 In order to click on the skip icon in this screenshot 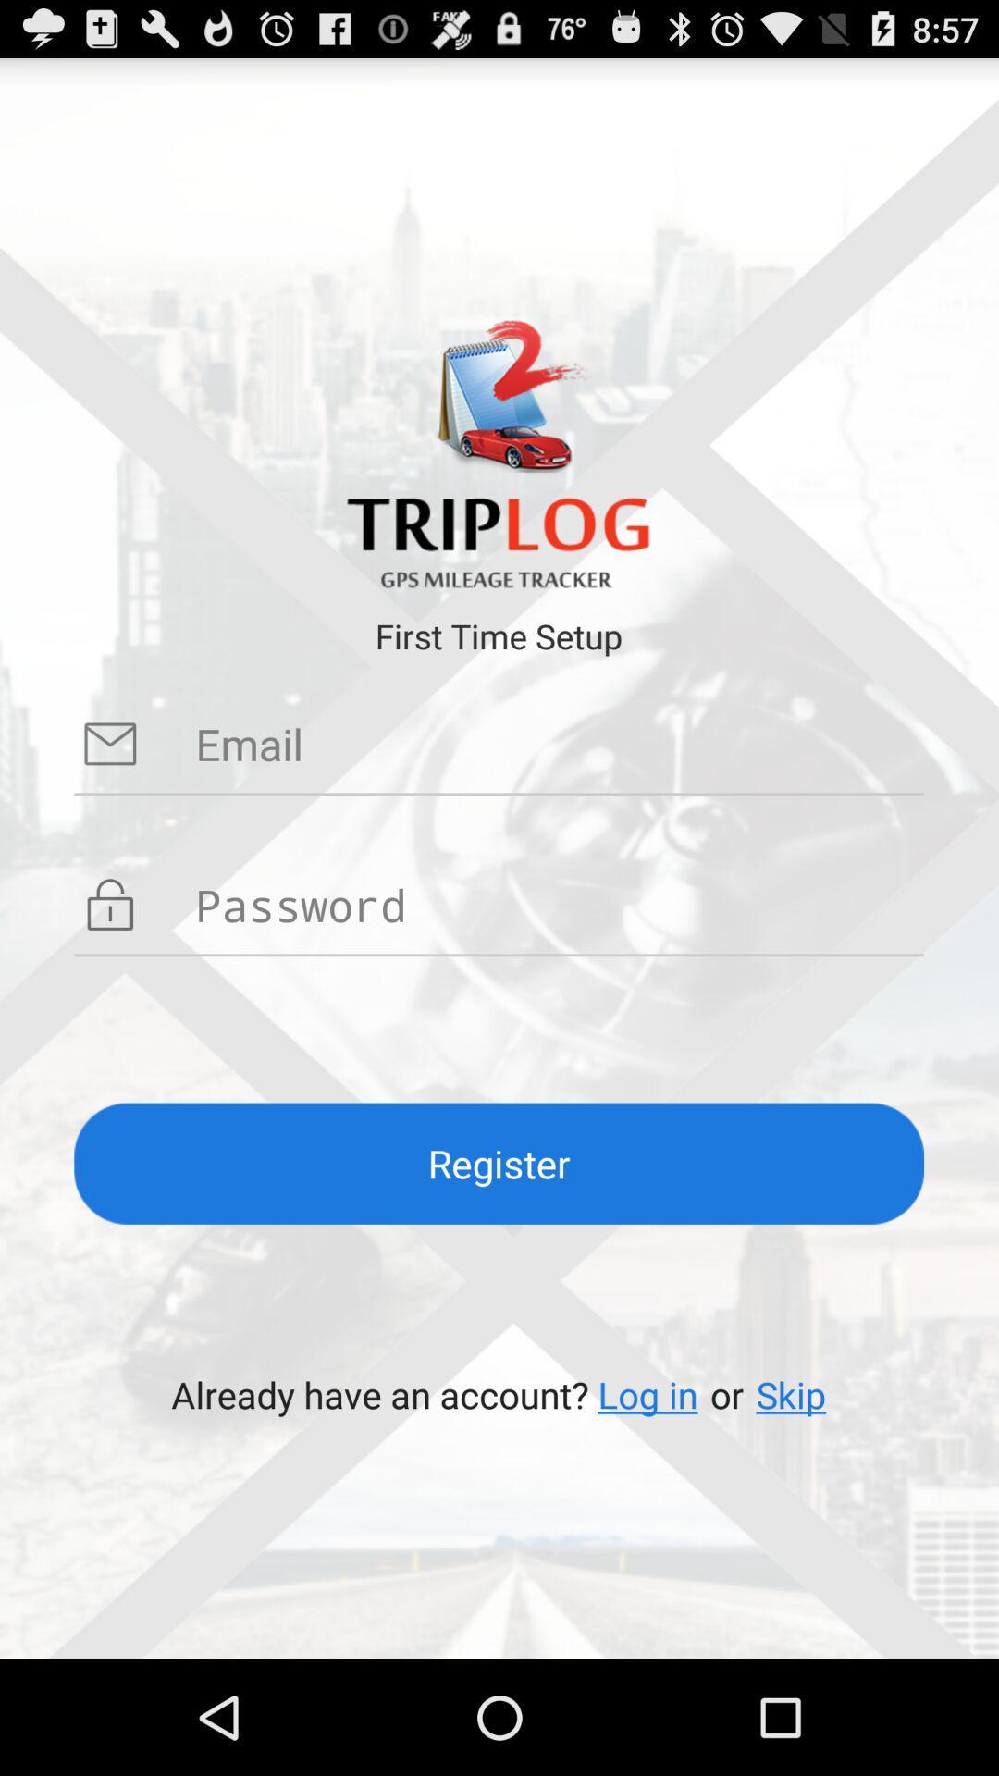, I will do `click(791, 1394)`.